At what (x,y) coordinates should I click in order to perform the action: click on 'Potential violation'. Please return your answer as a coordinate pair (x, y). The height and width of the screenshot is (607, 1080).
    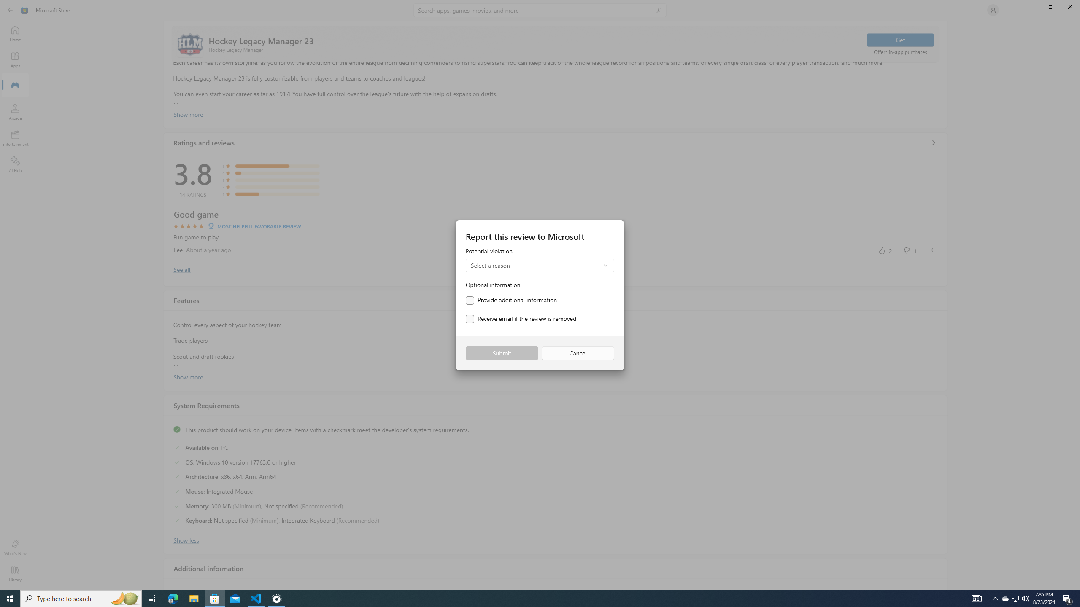
    Looking at the image, I should click on (540, 260).